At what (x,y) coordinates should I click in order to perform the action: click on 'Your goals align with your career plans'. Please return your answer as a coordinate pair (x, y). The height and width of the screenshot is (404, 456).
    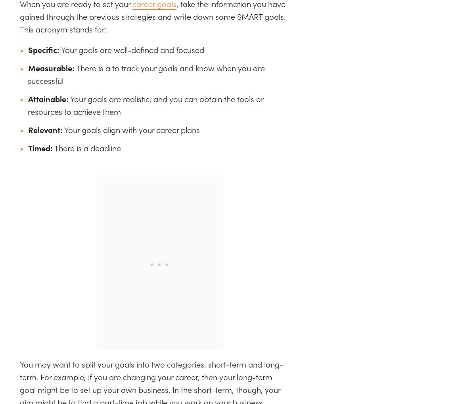
    Looking at the image, I should click on (131, 130).